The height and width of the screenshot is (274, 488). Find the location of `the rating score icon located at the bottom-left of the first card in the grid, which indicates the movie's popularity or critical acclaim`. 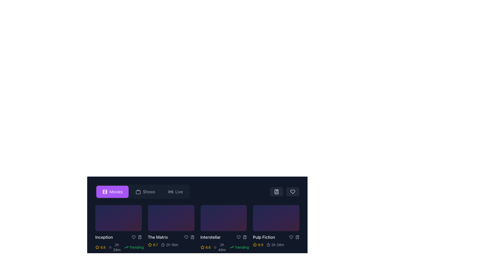

the rating score icon located at the bottom-left of the first card in the grid, which indicates the movie's popularity or critical acclaim is located at coordinates (100, 247).